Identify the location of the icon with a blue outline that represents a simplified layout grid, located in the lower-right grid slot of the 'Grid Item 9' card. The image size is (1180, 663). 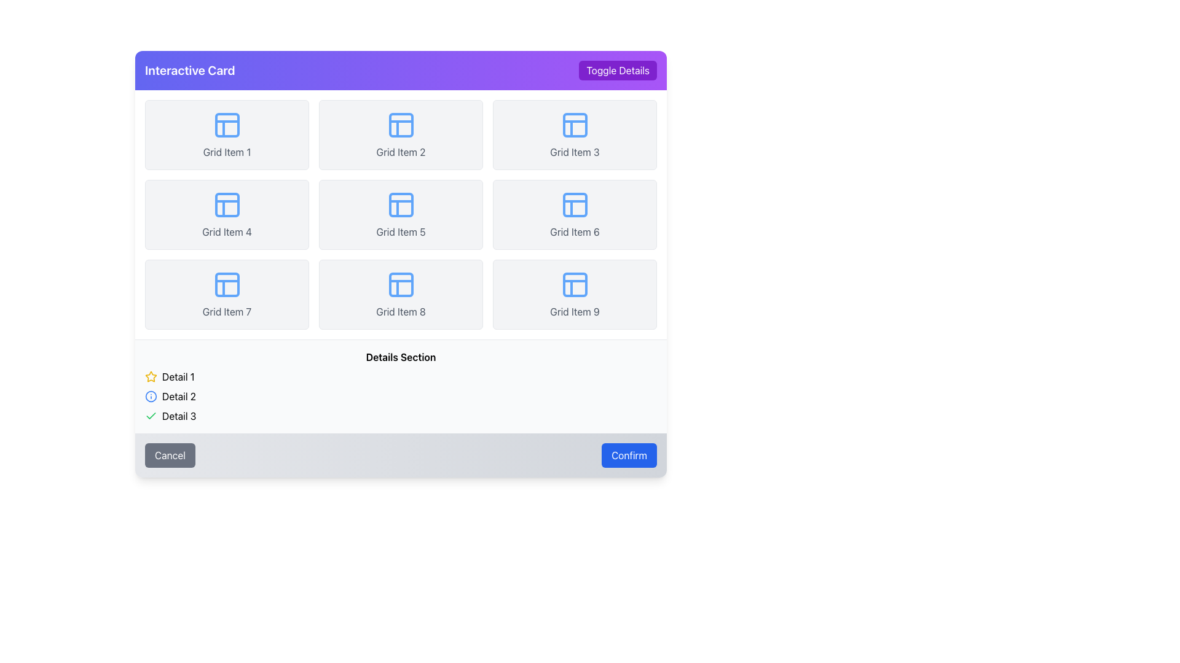
(574, 284).